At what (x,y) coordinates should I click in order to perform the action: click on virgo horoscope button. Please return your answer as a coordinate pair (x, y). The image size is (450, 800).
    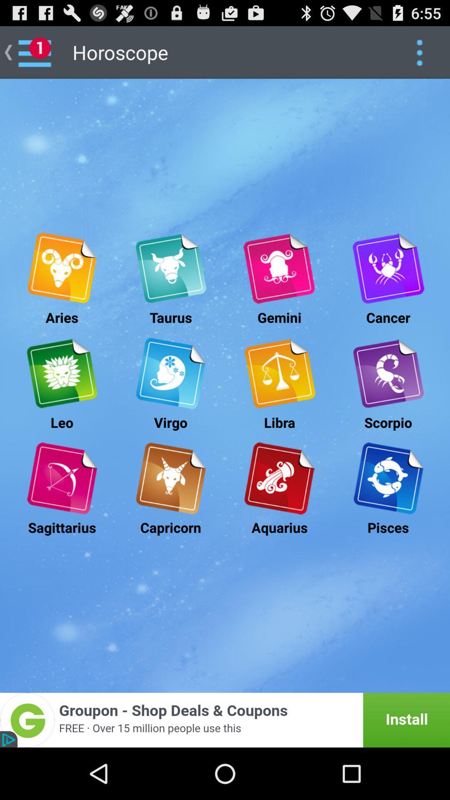
    Looking at the image, I should click on (170, 373).